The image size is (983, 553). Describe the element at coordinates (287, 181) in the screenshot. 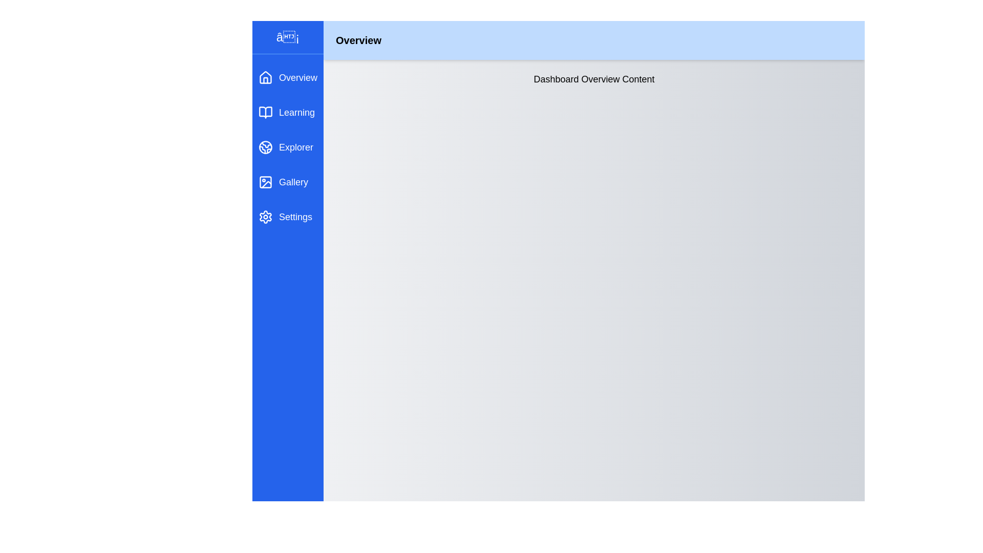

I see `the fourth button in the vertical navigation bar on the left side of the application` at that location.